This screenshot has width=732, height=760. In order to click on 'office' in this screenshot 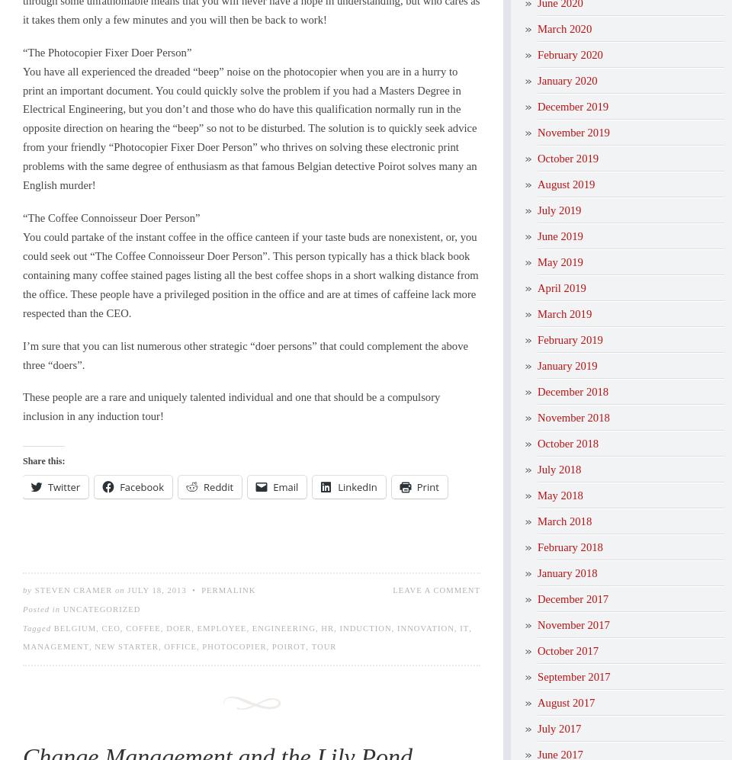, I will do `click(179, 646)`.